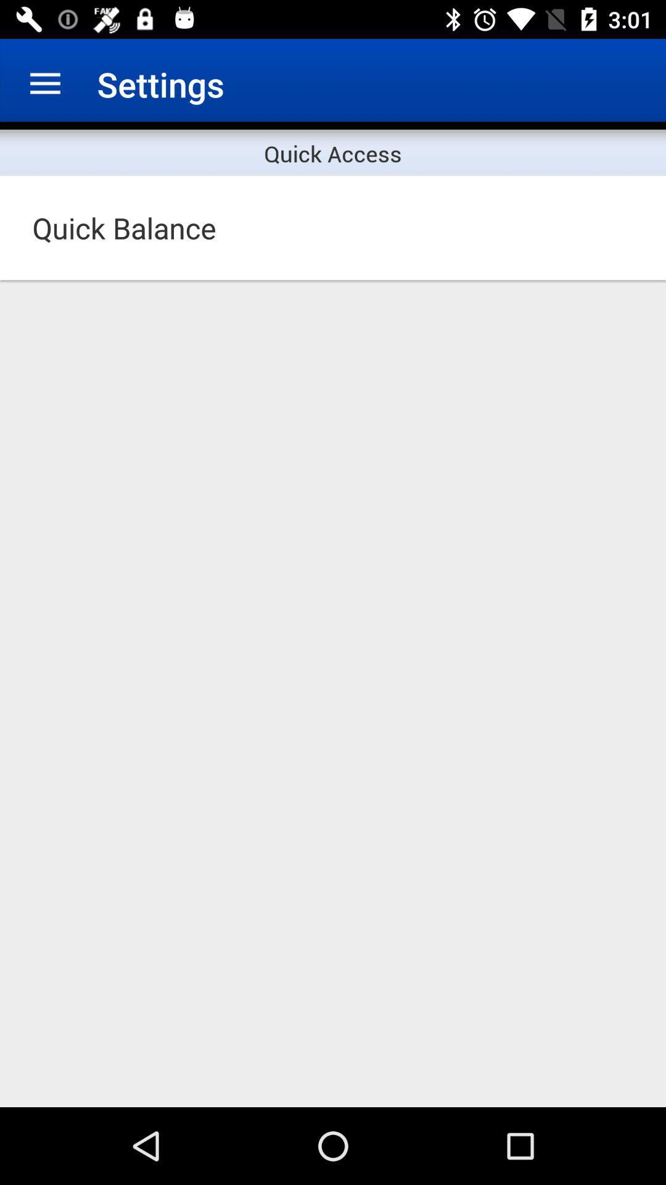 Image resolution: width=666 pixels, height=1185 pixels. Describe the element at coordinates (44, 83) in the screenshot. I see `the icon to the left of settings icon` at that location.